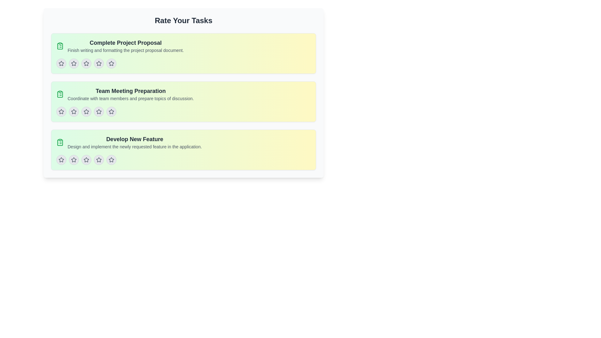  Describe the element at coordinates (111, 63) in the screenshot. I see `the fourth star icon in the row of five stars under the 'Complete Project Proposal' task` at that location.